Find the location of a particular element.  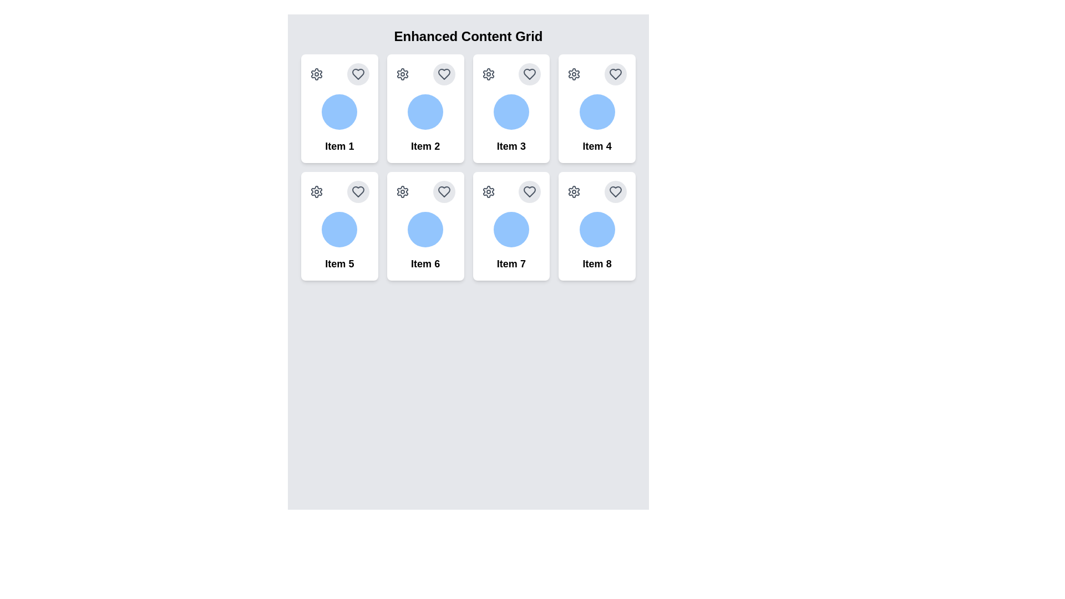

the settings icon located in the top-left corner of the card labeled 'Item 4' is located at coordinates (574, 74).